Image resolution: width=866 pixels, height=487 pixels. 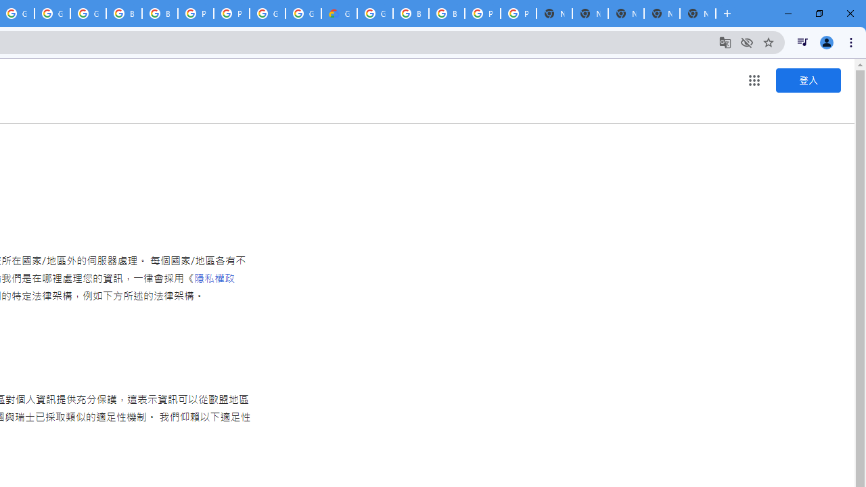 I want to click on 'Google Cloud Platform', so click(x=302, y=14).